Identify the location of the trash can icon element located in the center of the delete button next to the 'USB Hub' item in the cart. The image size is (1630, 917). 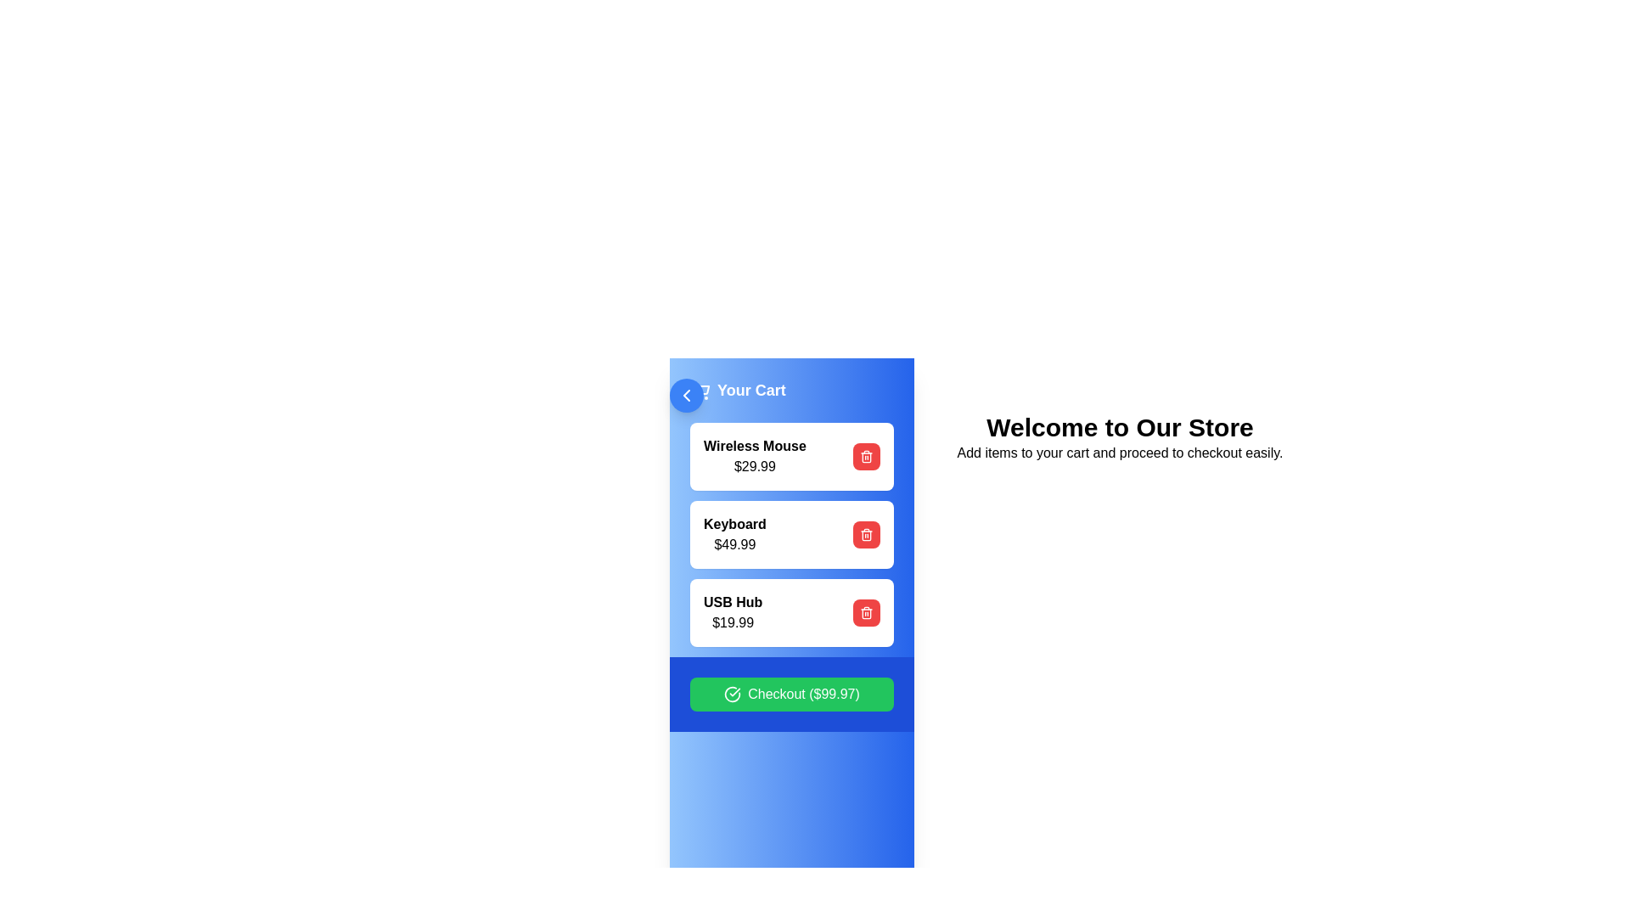
(867, 457).